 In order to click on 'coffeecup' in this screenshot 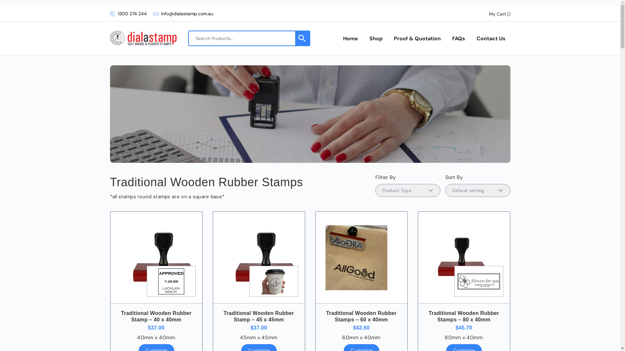, I will do `click(258, 281)`.